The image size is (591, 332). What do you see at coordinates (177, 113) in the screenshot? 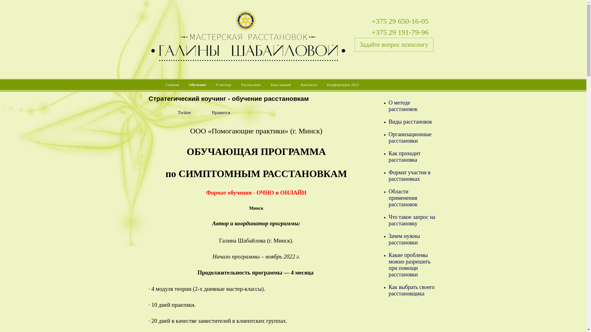
I see `'Twitter'` at bounding box center [177, 113].